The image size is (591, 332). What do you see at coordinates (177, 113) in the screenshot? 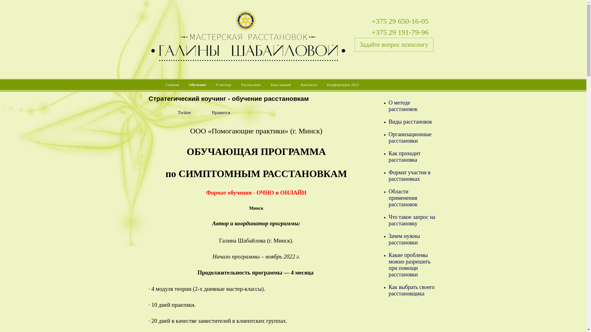
I see `'Twitter'` at bounding box center [177, 113].